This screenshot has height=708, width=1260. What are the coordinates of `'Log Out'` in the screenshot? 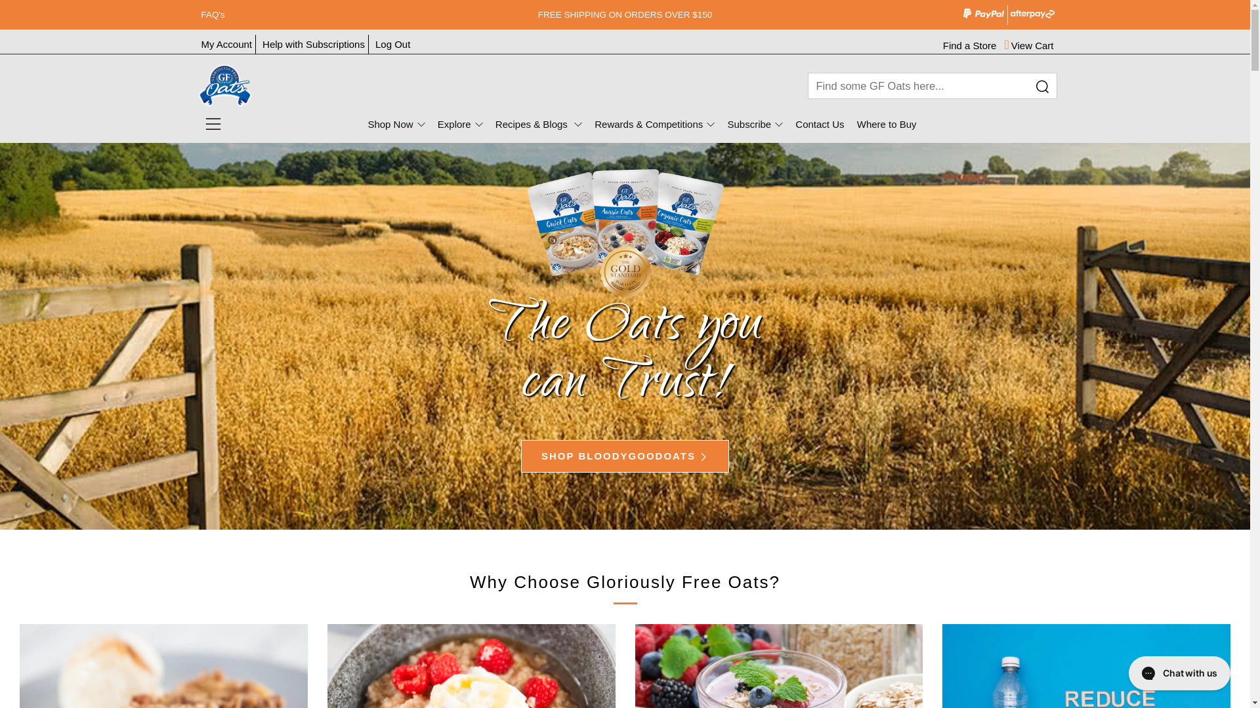 It's located at (392, 43).